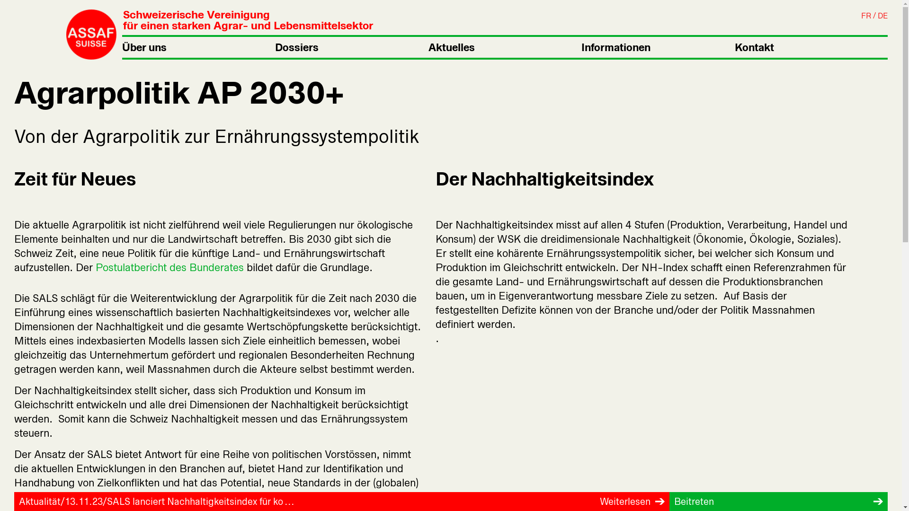 The width and height of the screenshot is (909, 511). What do you see at coordinates (882, 16) in the screenshot?
I see `'DE'` at bounding box center [882, 16].